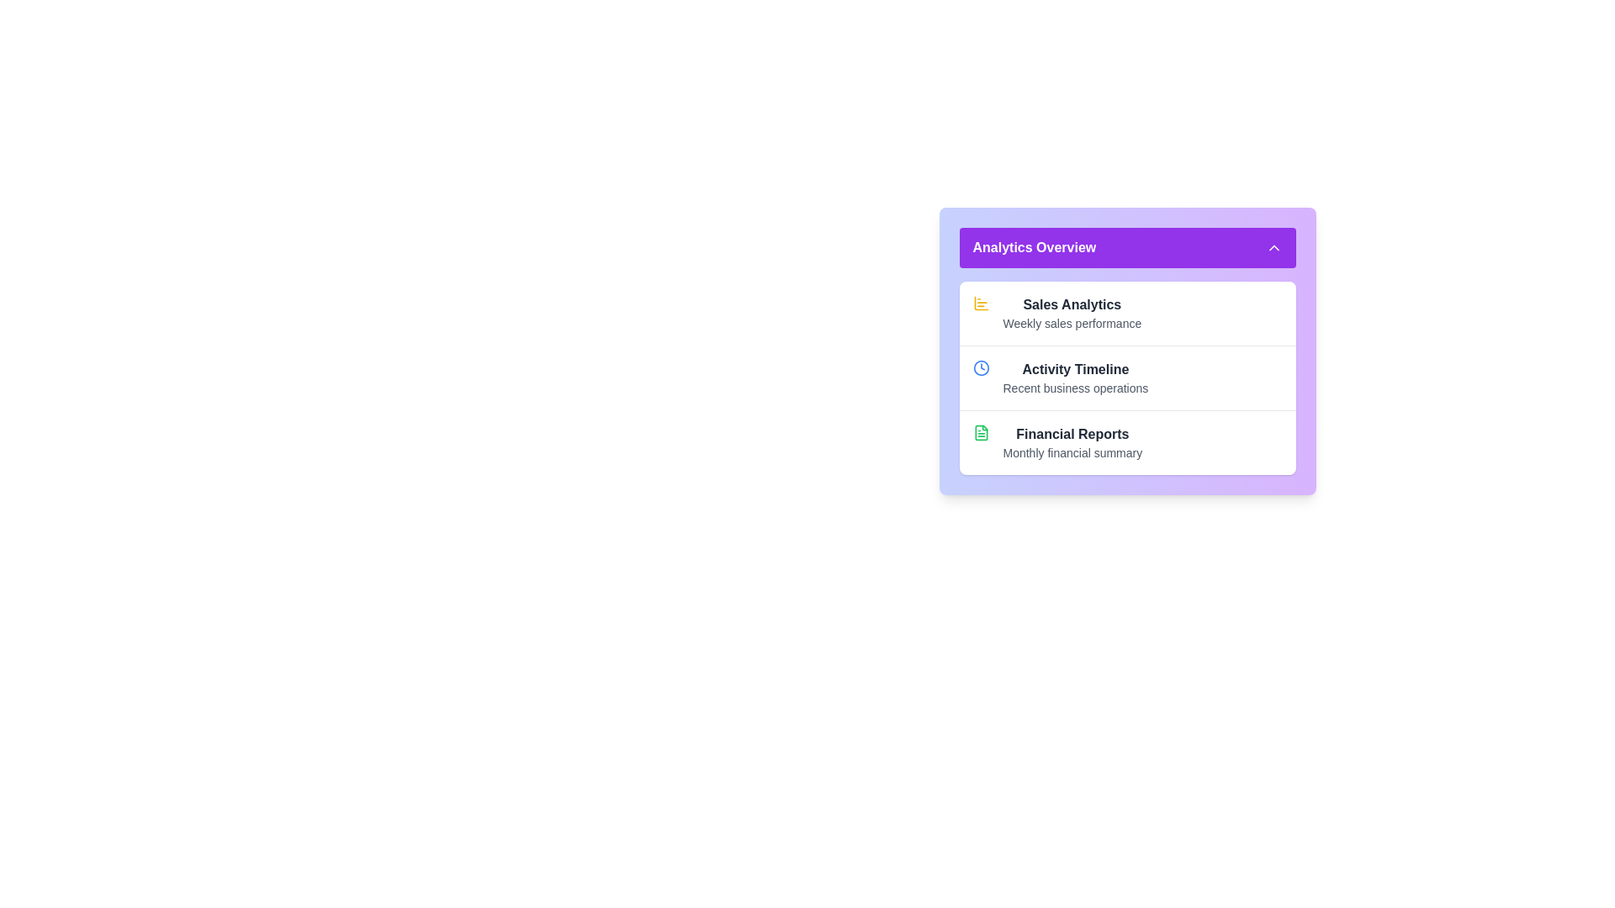  Describe the element at coordinates (1074, 378) in the screenshot. I see `the 'Activity Timeline' text block, which features a bold heading and a smaller subtext, located in the analytics overview panel between the 'Sales Analytics' and 'Financial Reports' cards` at that location.